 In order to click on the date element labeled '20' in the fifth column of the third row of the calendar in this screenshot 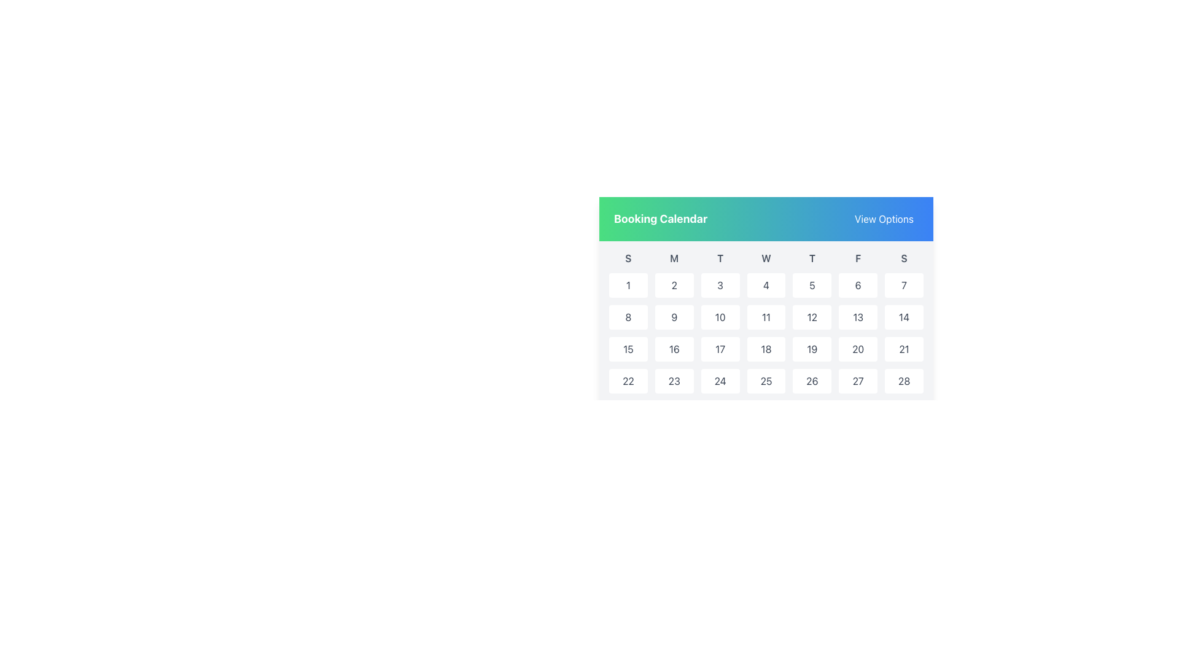, I will do `click(857, 349)`.